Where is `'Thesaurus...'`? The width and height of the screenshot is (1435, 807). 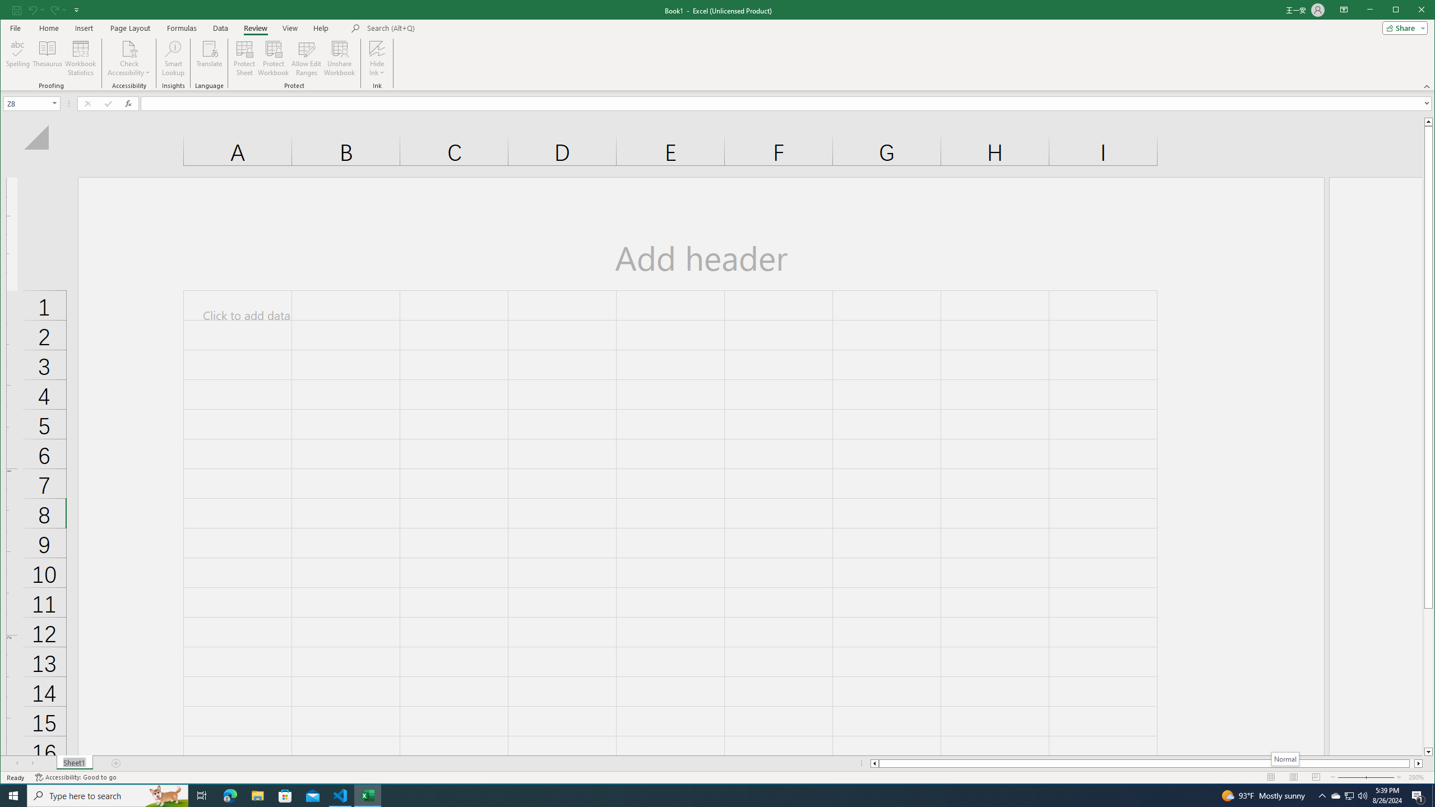 'Thesaurus...' is located at coordinates (48, 58).